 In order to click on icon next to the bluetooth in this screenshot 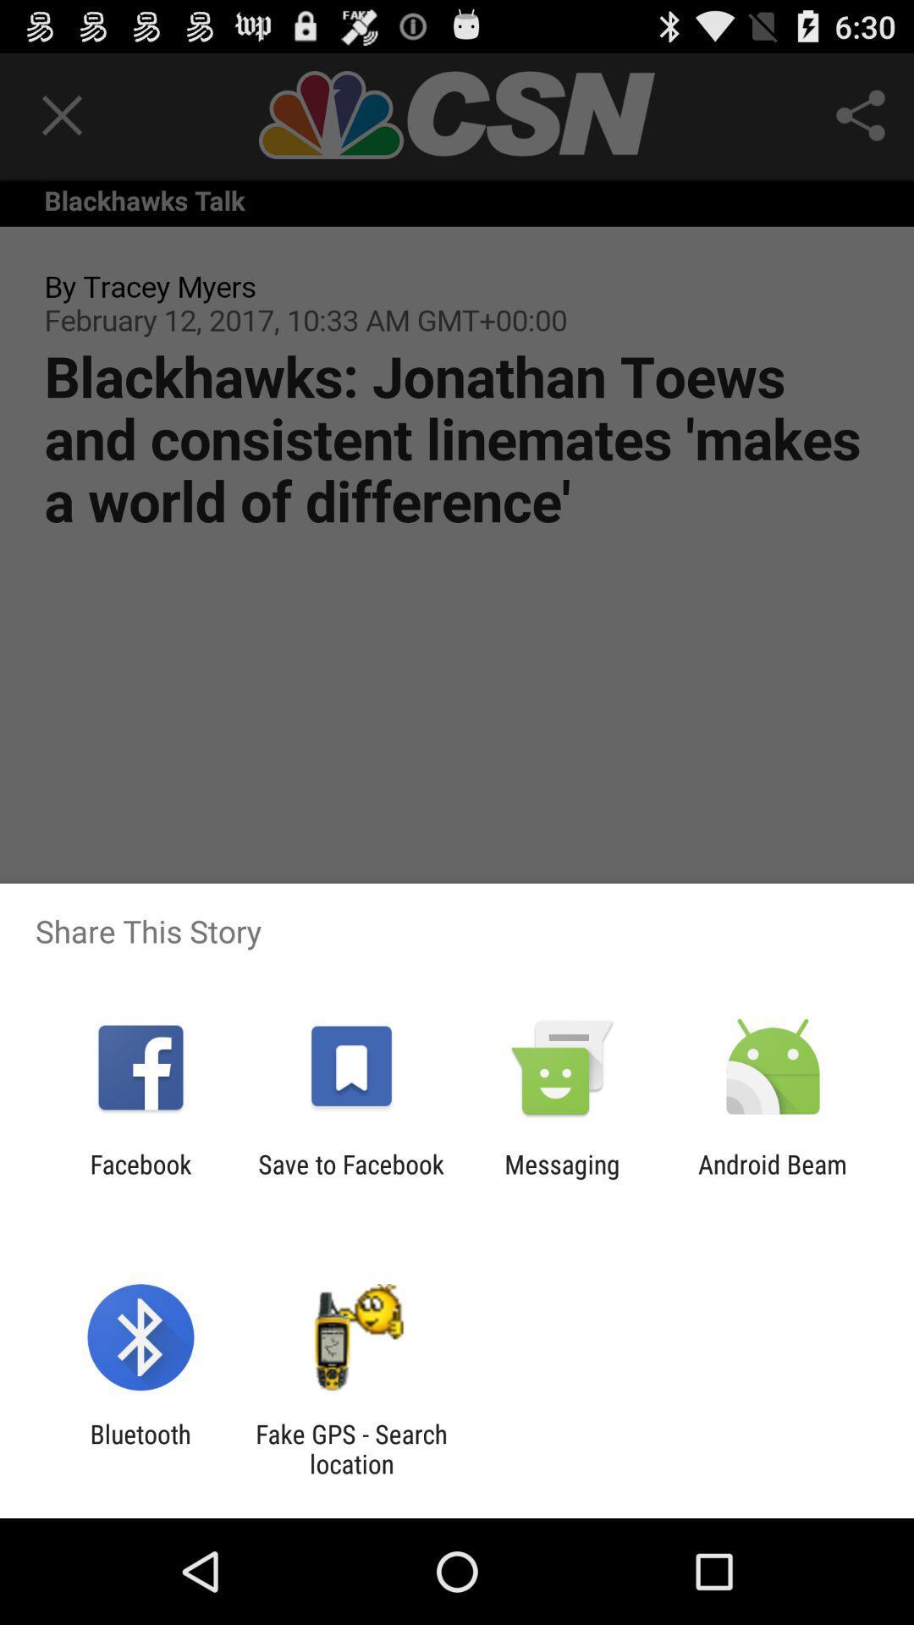, I will do `click(350, 1448)`.